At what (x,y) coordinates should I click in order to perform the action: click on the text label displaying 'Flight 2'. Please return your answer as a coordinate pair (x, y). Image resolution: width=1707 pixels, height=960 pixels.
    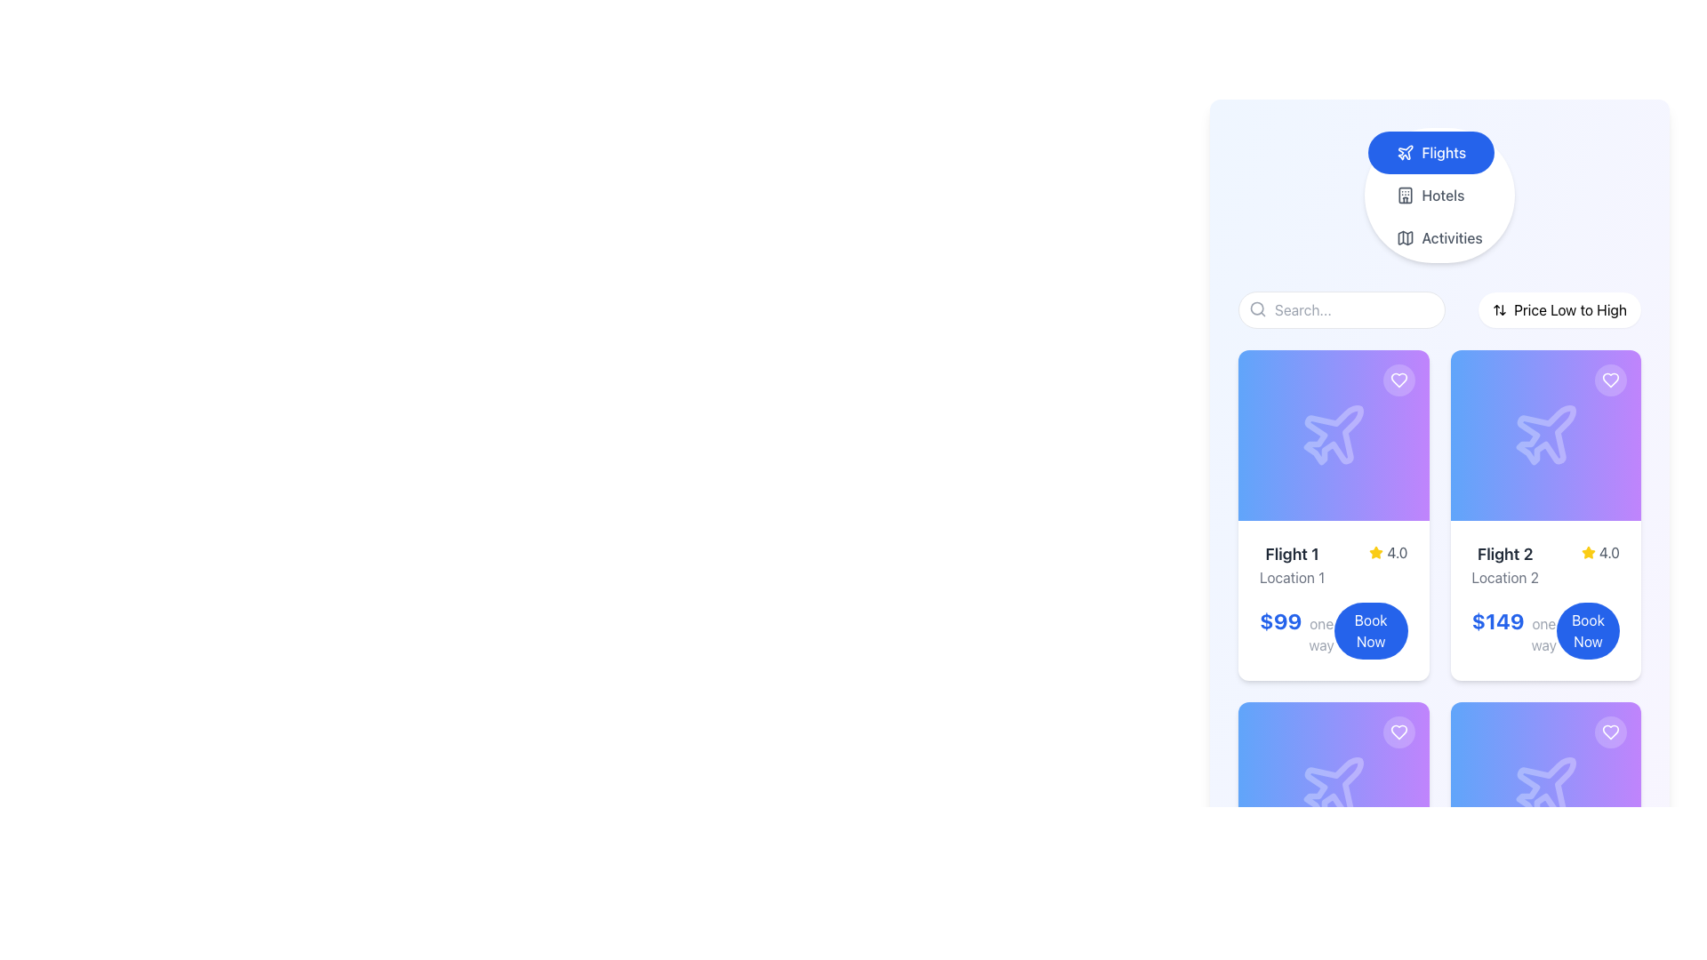
    Looking at the image, I should click on (1504, 554).